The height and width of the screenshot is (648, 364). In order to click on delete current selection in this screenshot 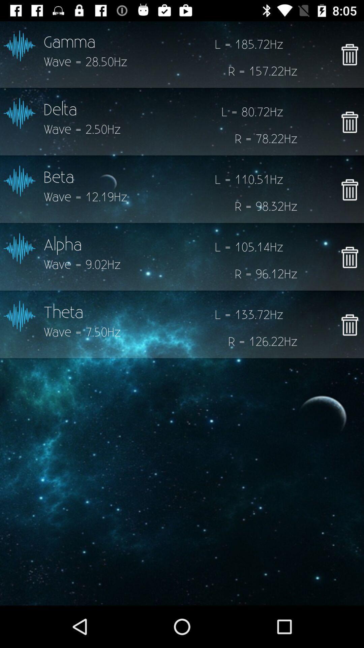, I will do `click(349, 54)`.